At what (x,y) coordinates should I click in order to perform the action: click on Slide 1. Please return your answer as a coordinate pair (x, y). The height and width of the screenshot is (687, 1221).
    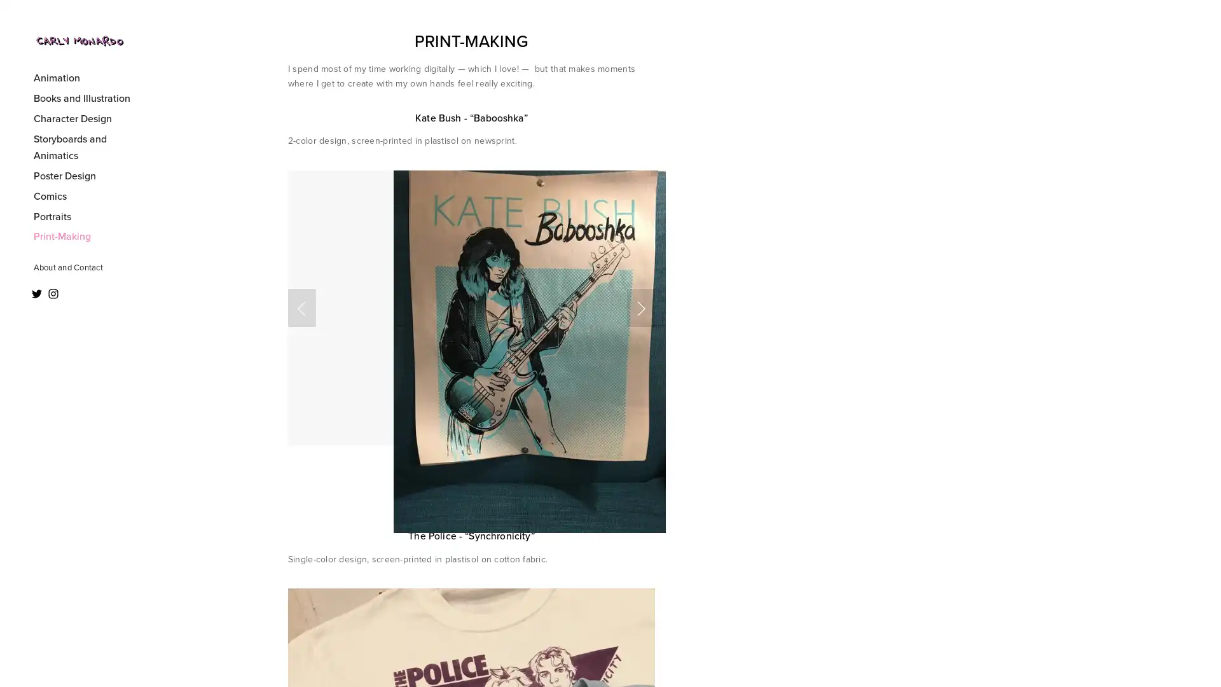
    Looking at the image, I should click on (418, 483).